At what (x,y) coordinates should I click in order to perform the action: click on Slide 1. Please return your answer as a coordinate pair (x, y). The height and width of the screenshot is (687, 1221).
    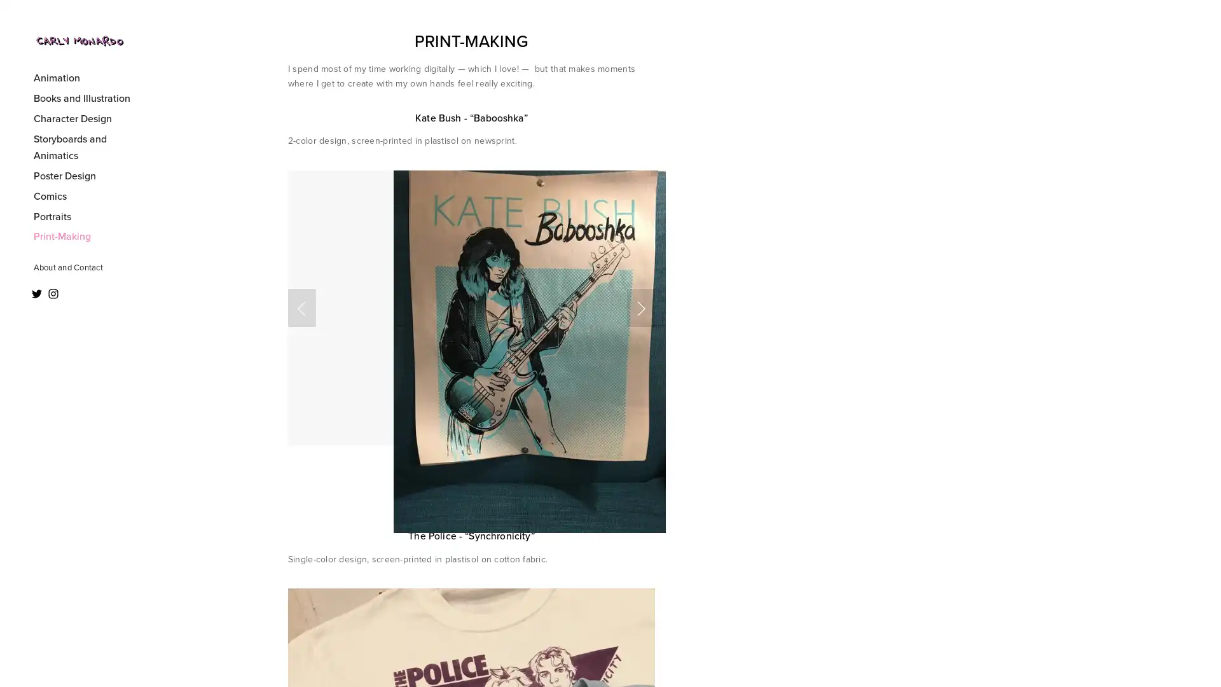
    Looking at the image, I should click on (418, 483).